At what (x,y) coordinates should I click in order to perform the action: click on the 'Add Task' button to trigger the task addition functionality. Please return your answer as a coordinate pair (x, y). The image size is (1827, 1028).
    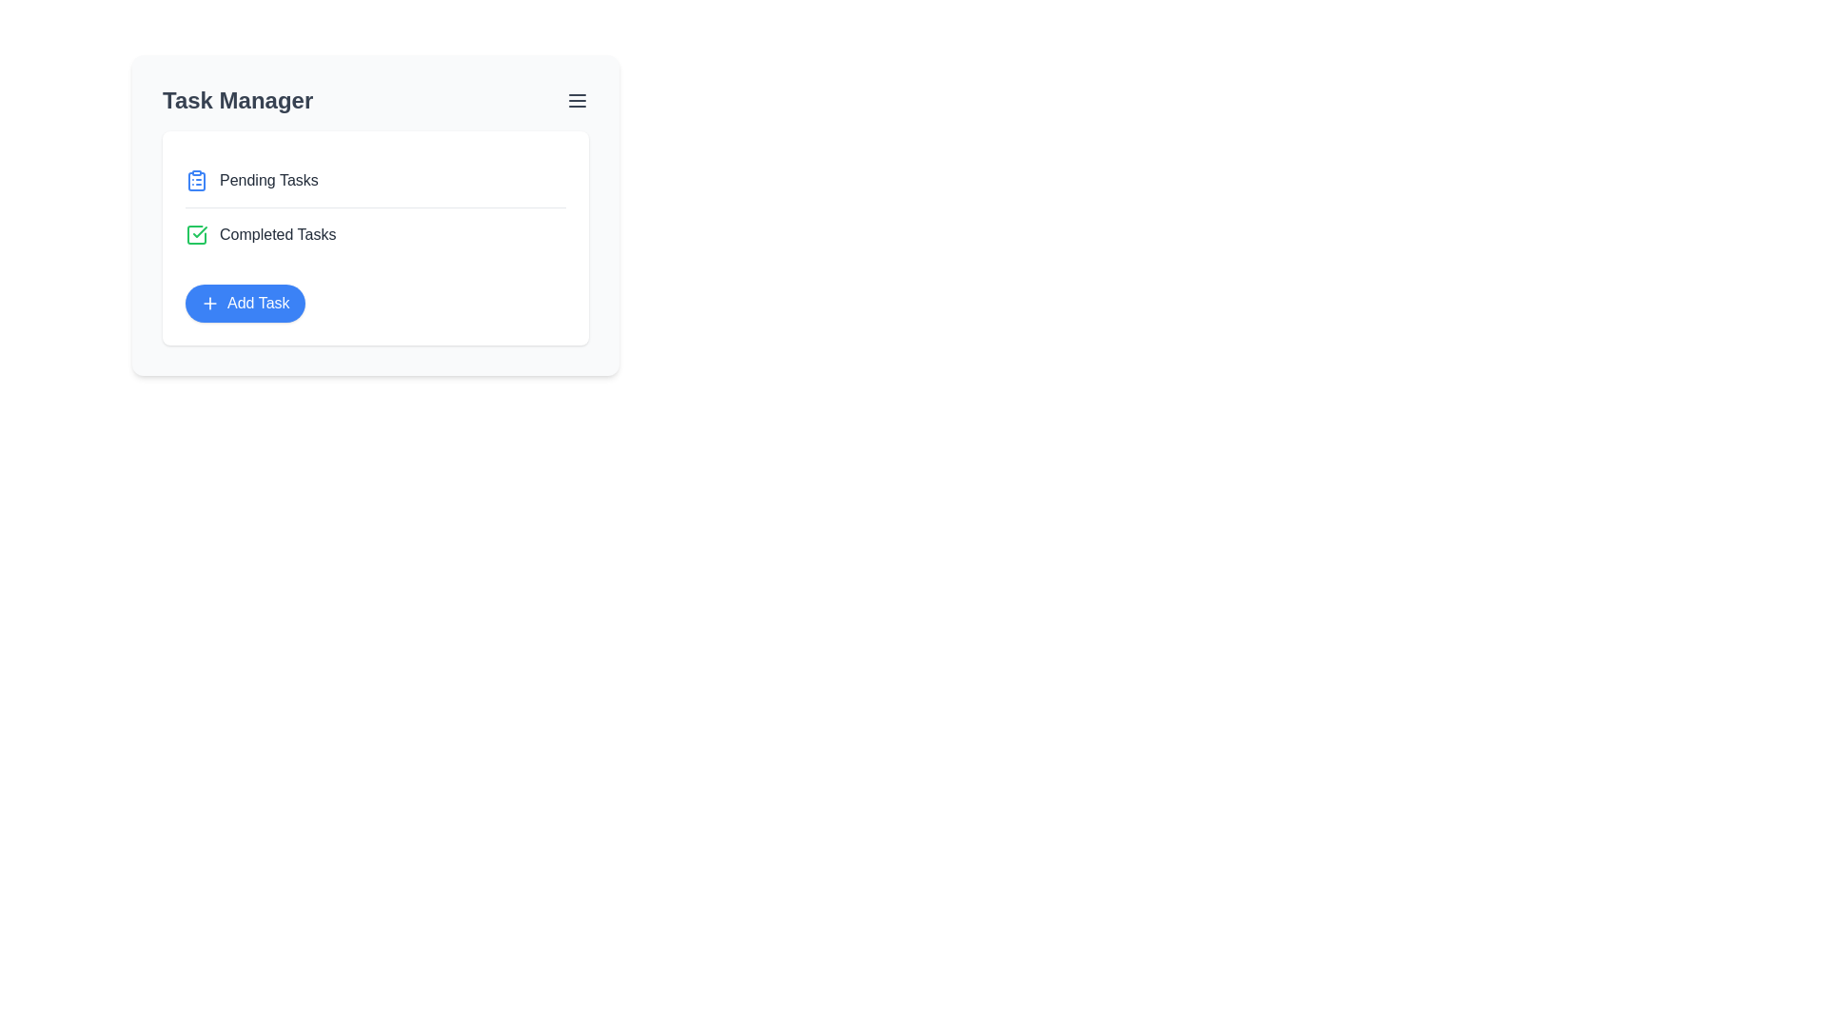
    Looking at the image, I should click on (244, 303).